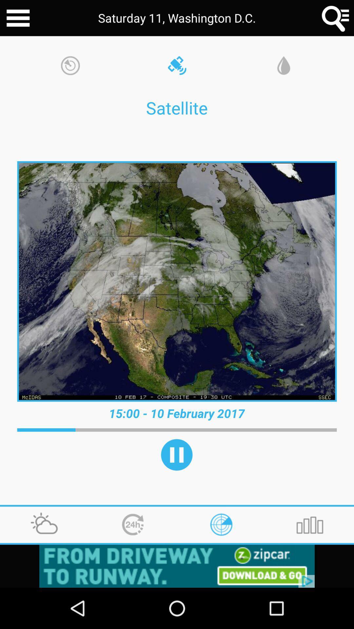  Describe the element at coordinates (177, 281) in the screenshot. I see `the image` at that location.